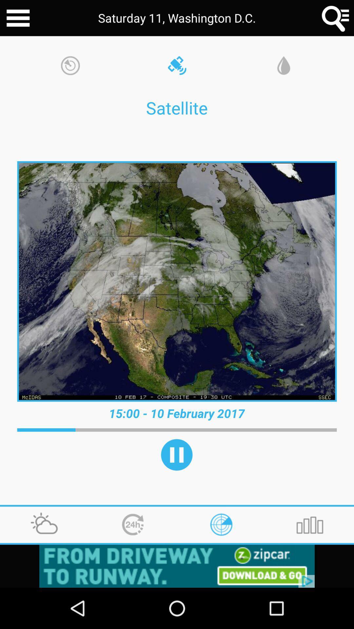  Describe the element at coordinates (177, 281) in the screenshot. I see `the image` at that location.